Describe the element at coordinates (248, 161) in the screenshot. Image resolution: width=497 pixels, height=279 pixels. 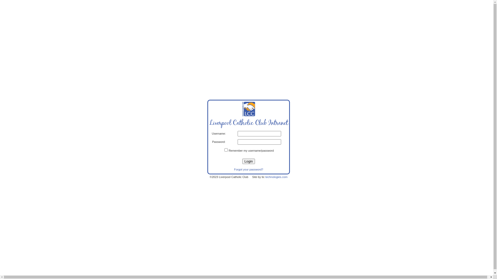
I see `'Login'` at that location.